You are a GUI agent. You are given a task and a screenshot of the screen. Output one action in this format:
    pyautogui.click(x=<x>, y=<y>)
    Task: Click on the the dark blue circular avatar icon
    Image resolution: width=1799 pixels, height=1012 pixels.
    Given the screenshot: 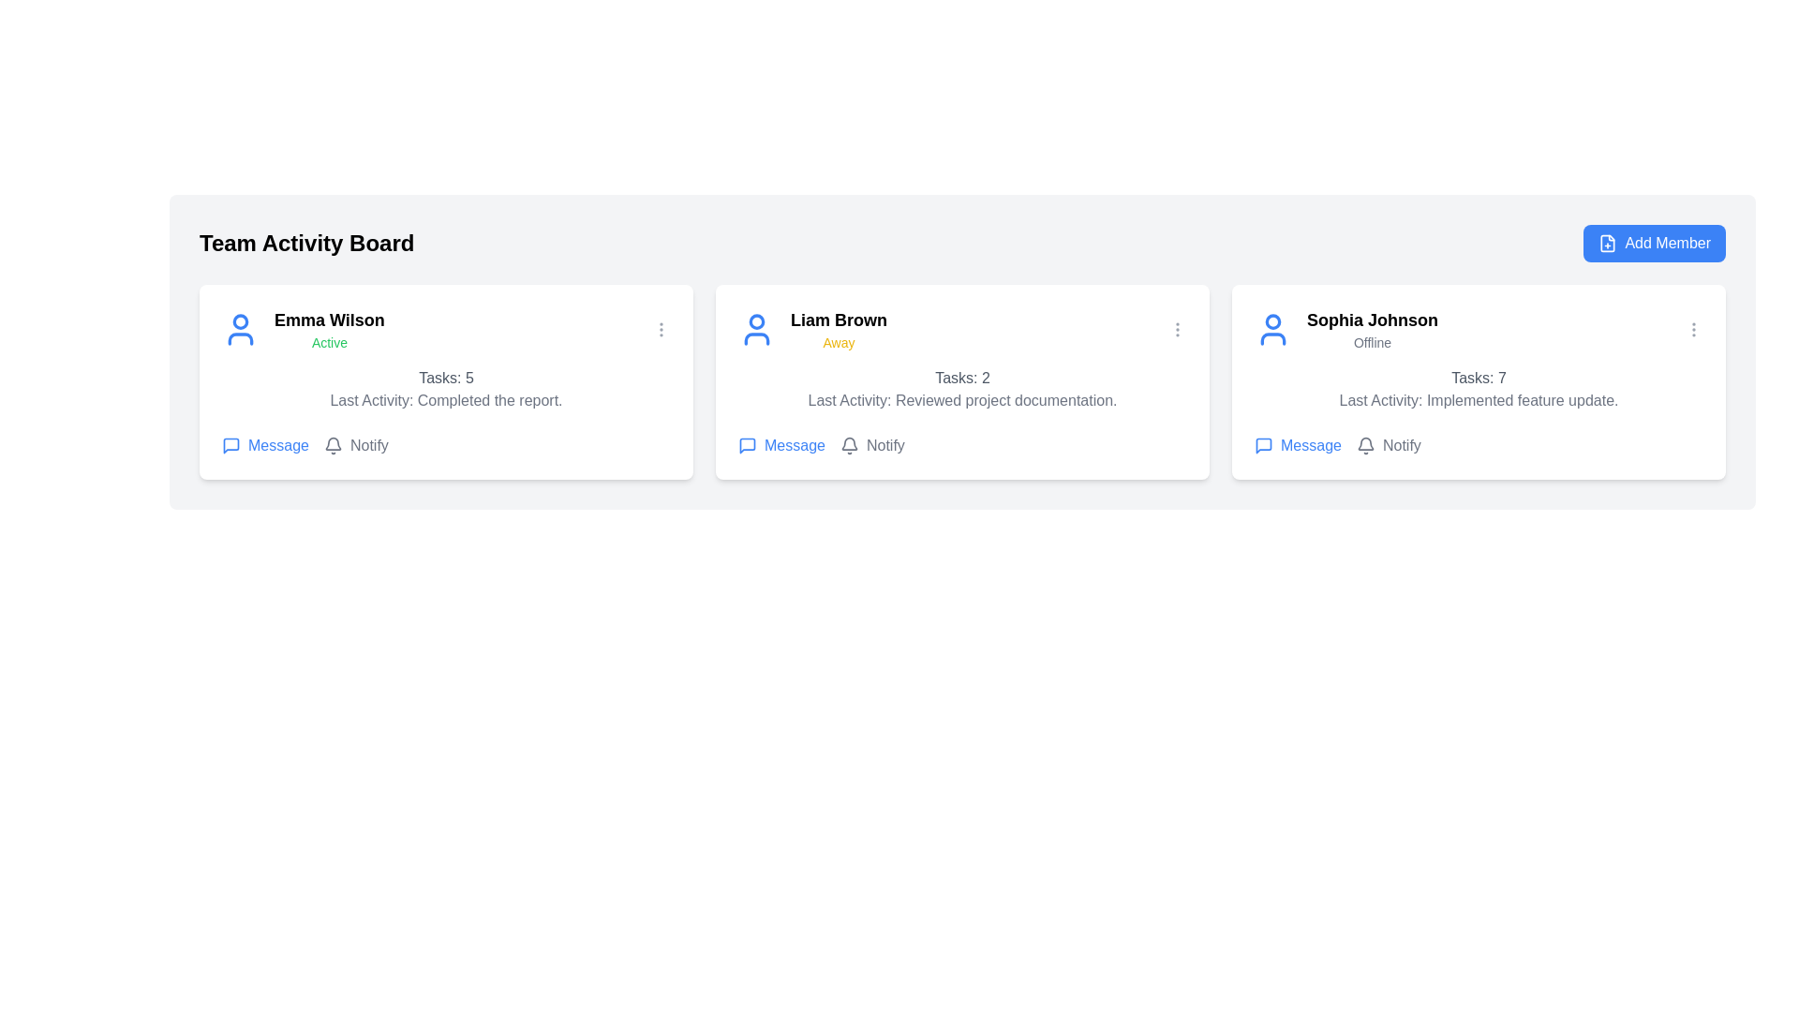 What is the action you would take?
    pyautogui.click(x=240, y=320)
    